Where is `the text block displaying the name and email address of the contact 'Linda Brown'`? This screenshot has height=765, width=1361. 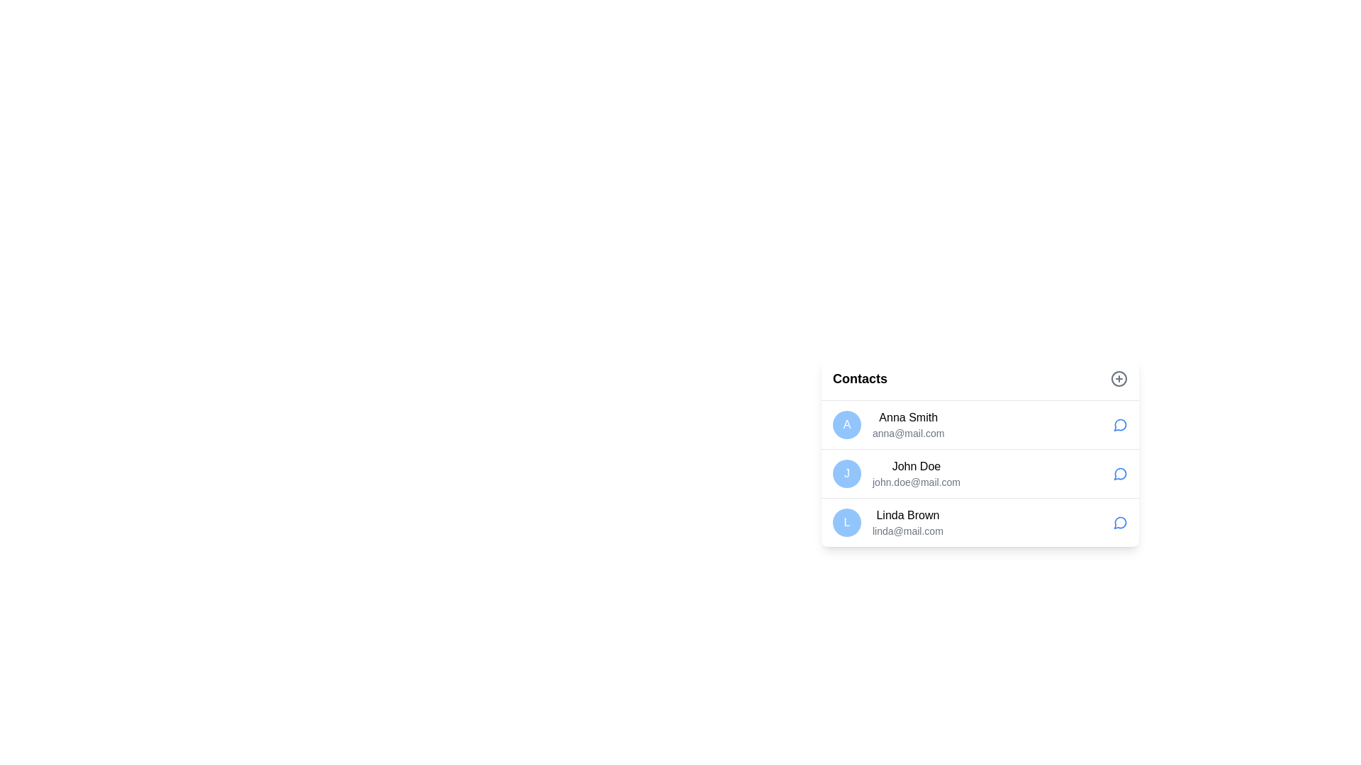 the text block displaying the name and email address of the contact 'Linda Brown' is located at coordinates (907, 522).